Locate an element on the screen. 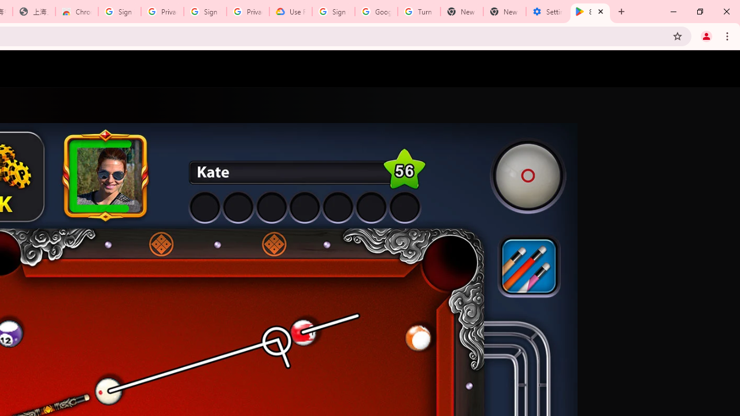 The width and height of the screenshot is (740, 416). 'New Tab' is located at coordinates (504, 12).